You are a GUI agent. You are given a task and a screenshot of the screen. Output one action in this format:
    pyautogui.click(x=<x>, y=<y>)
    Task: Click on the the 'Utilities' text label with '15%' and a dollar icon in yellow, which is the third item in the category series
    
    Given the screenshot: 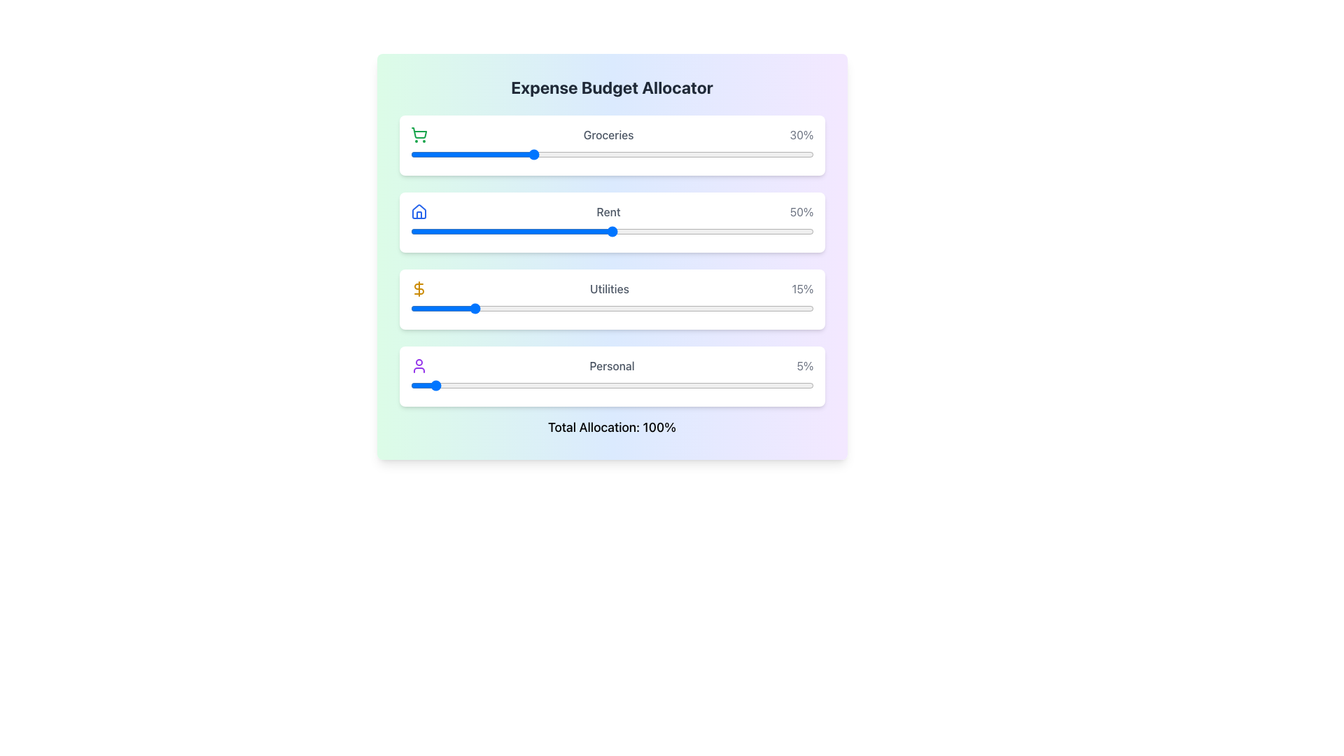 What is the action you would take?
    pyautogui.click(x=612, y=288)
    